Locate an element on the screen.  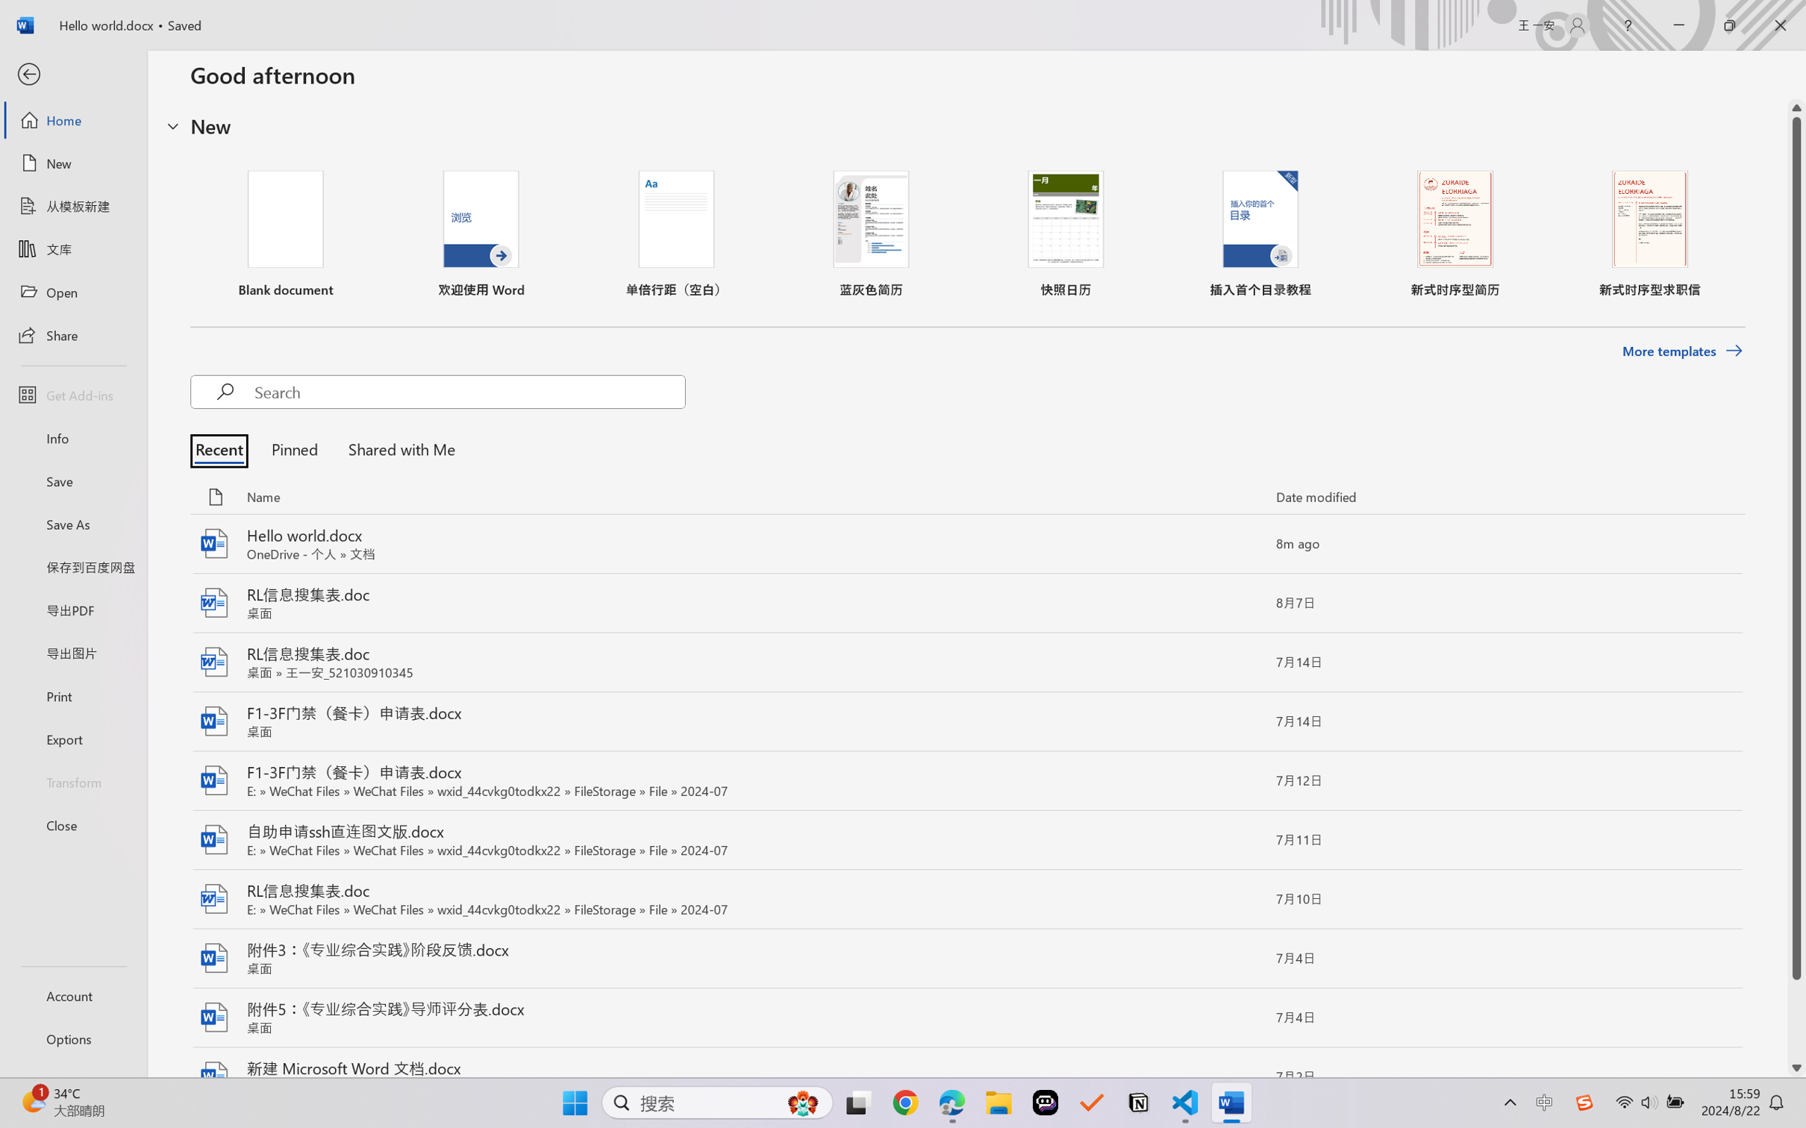
'Class: Image' is located at coordinates (1584, 1103).